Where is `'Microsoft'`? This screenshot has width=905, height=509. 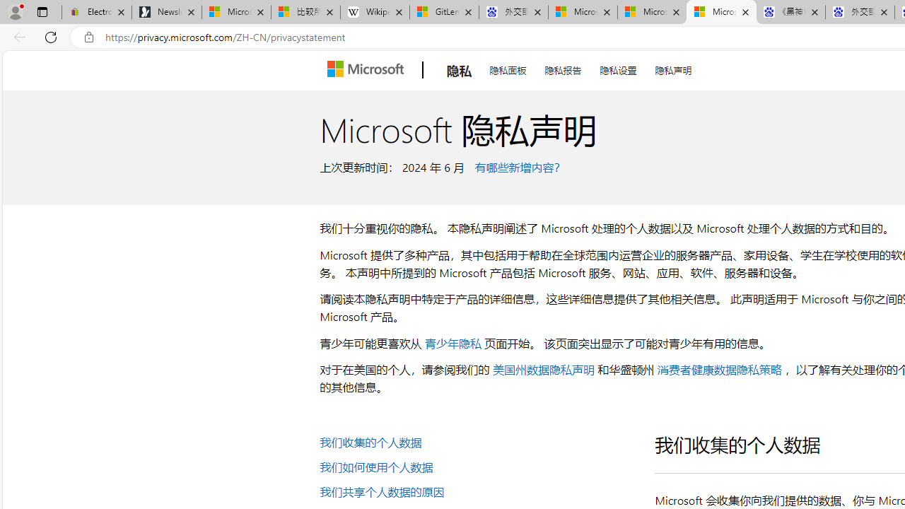
'Microsoft' is located at coordinates (368, 70).